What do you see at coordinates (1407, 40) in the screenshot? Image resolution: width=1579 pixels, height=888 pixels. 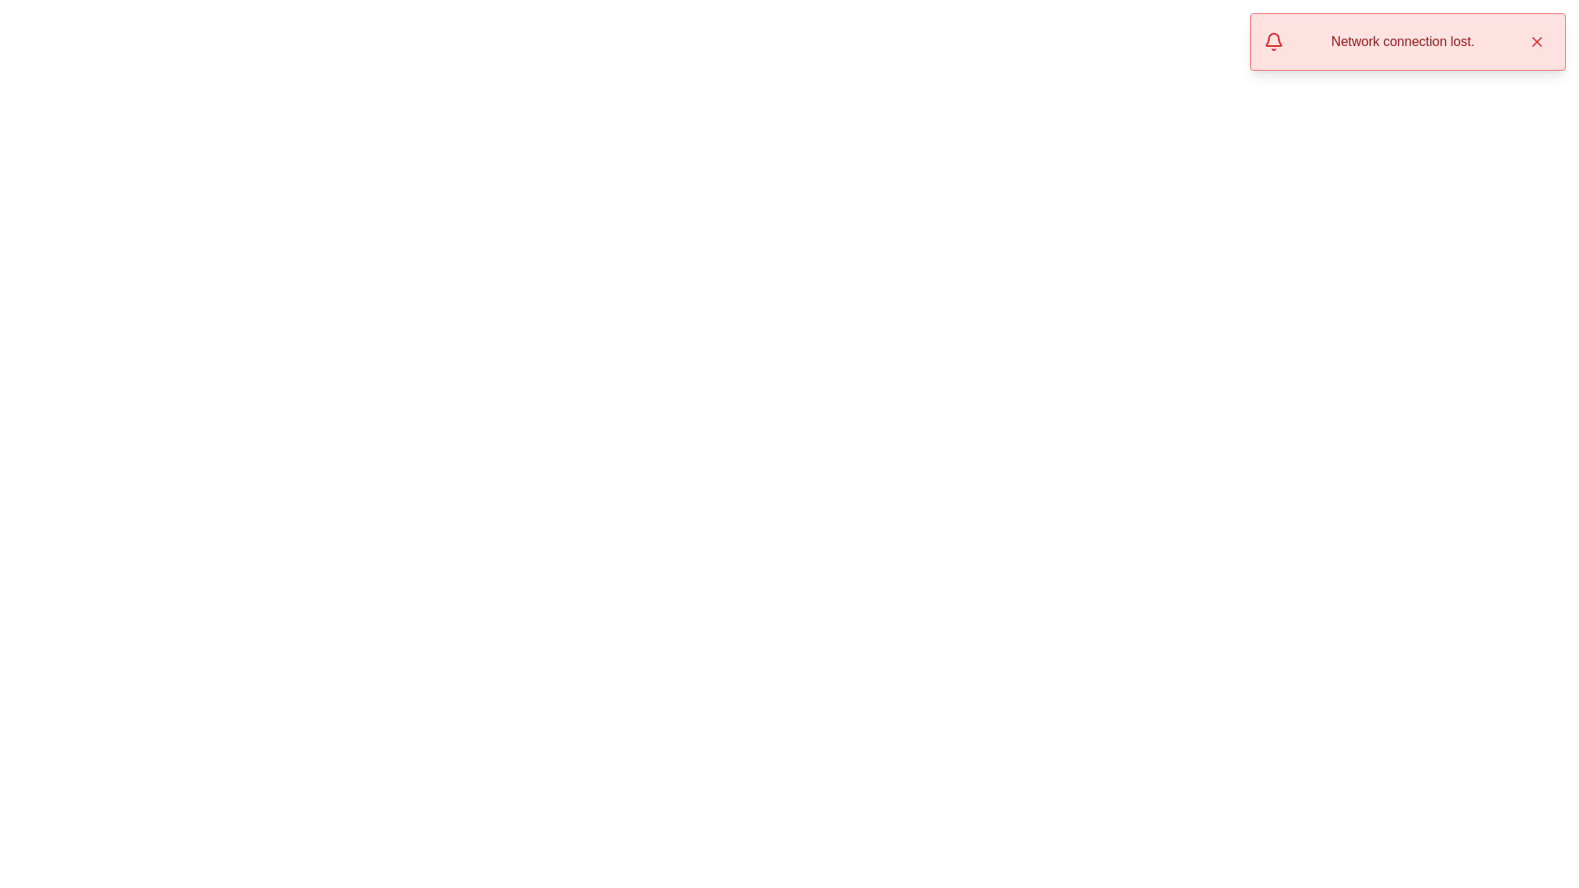 I see `the notification displayed in the top-right corner of the interface that indicates 'Network connection lost.'` at bounding box center [1407, 40].